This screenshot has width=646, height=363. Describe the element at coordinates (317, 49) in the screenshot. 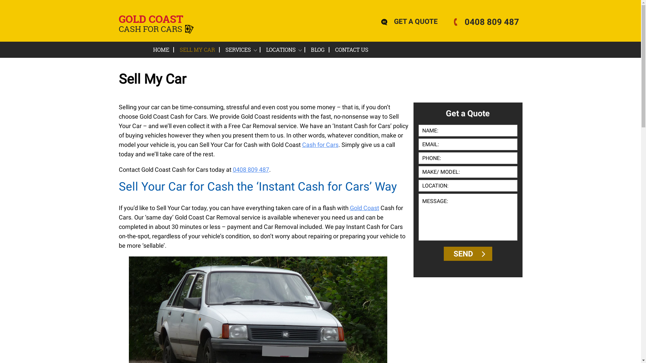

I see `'BLOG'` at that location.